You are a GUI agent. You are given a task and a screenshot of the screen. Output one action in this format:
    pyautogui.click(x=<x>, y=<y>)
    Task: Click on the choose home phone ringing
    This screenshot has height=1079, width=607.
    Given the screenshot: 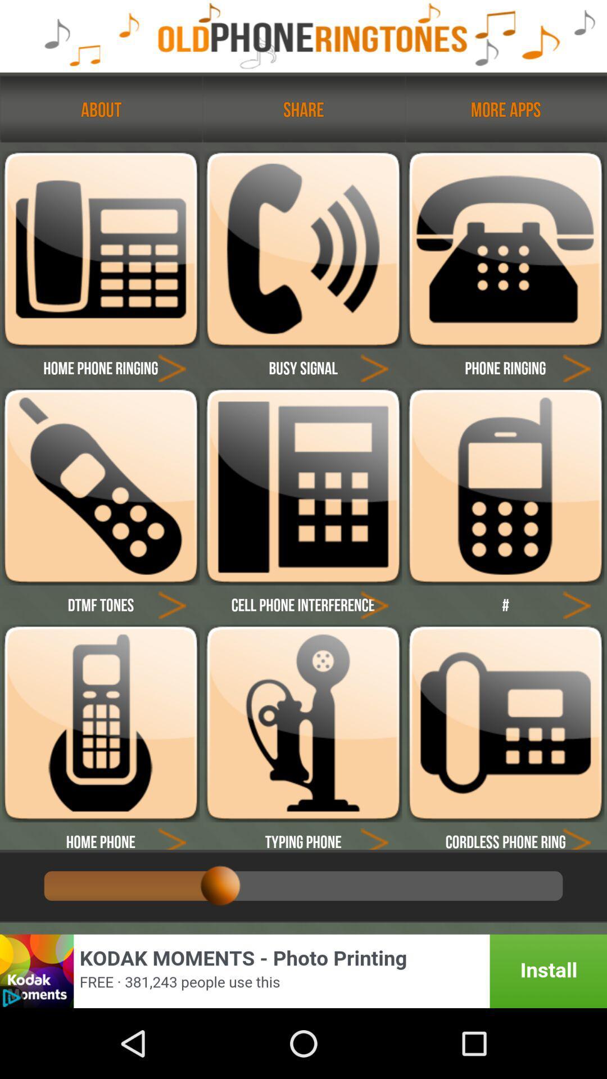 What is the action you would take?
    pyautogui.click(x=172, y=368)
    